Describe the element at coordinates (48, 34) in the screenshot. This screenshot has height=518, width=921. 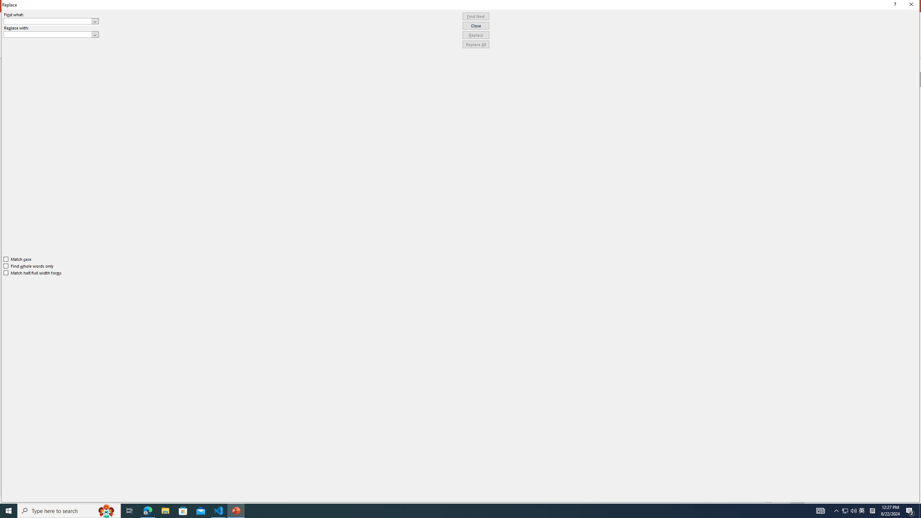
I see `'Replace with'` at that location.